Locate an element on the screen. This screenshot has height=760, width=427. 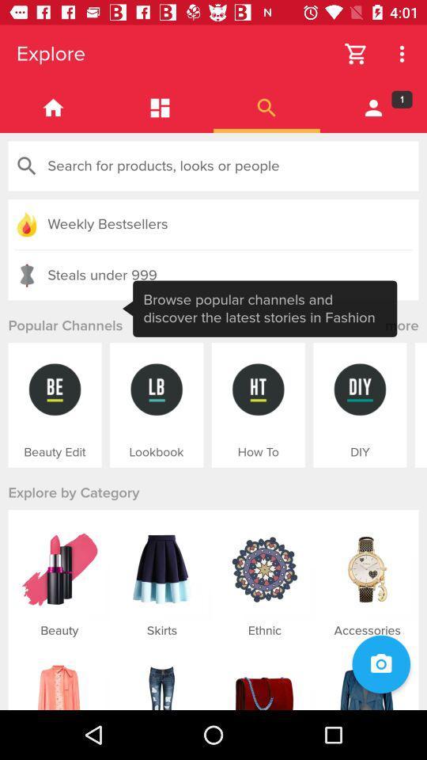
take a photo or upload an existing photo is located at coordinates (380, 664).